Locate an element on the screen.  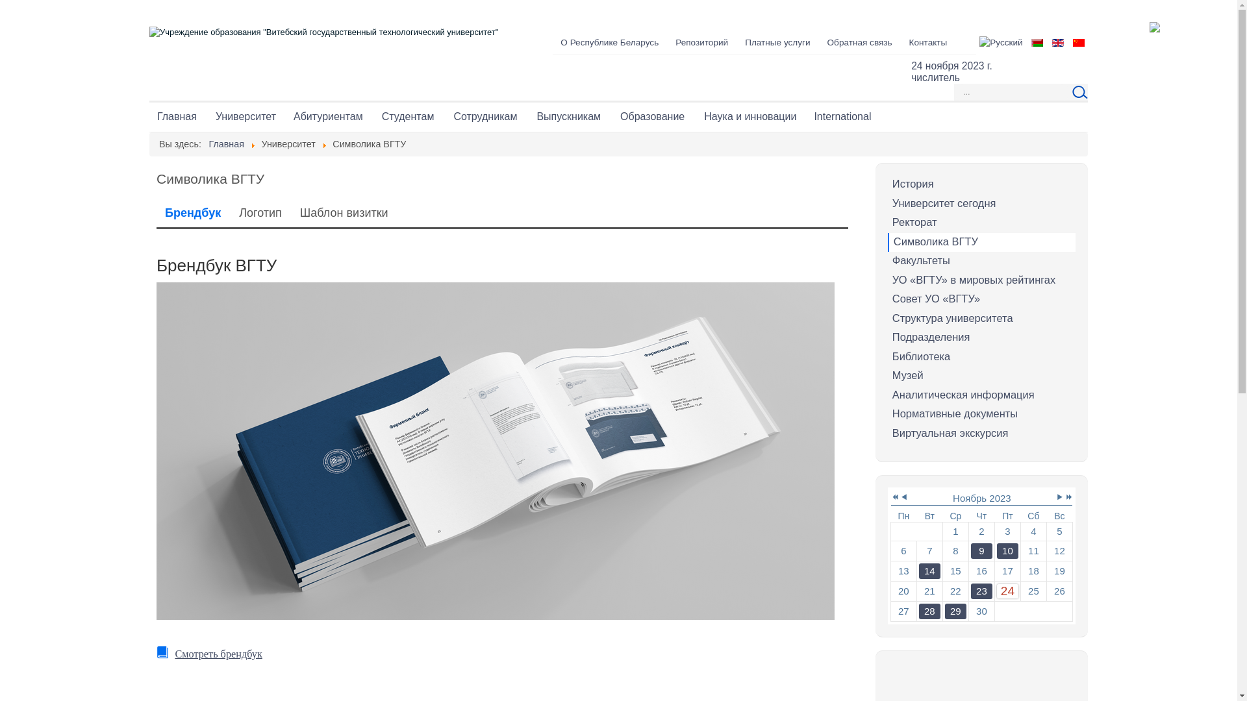
'10' is located at coordinates (1007, 550).